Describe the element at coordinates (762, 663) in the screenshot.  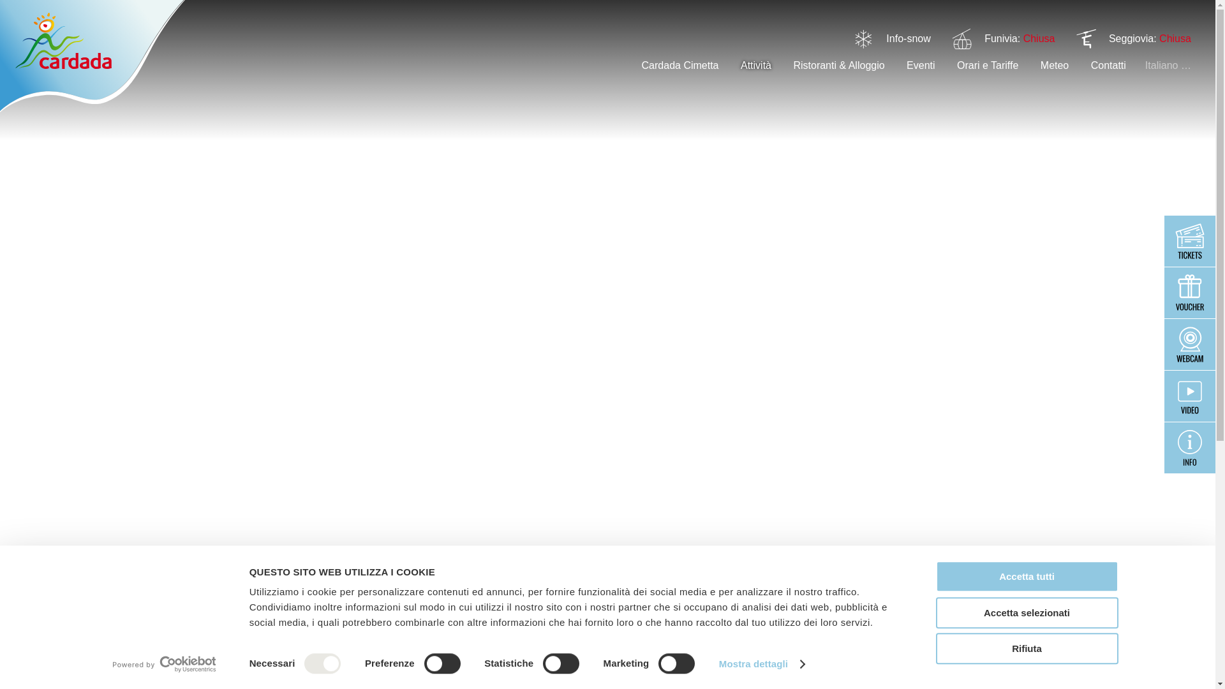
I see `'Mostra dettagli'` at that location.